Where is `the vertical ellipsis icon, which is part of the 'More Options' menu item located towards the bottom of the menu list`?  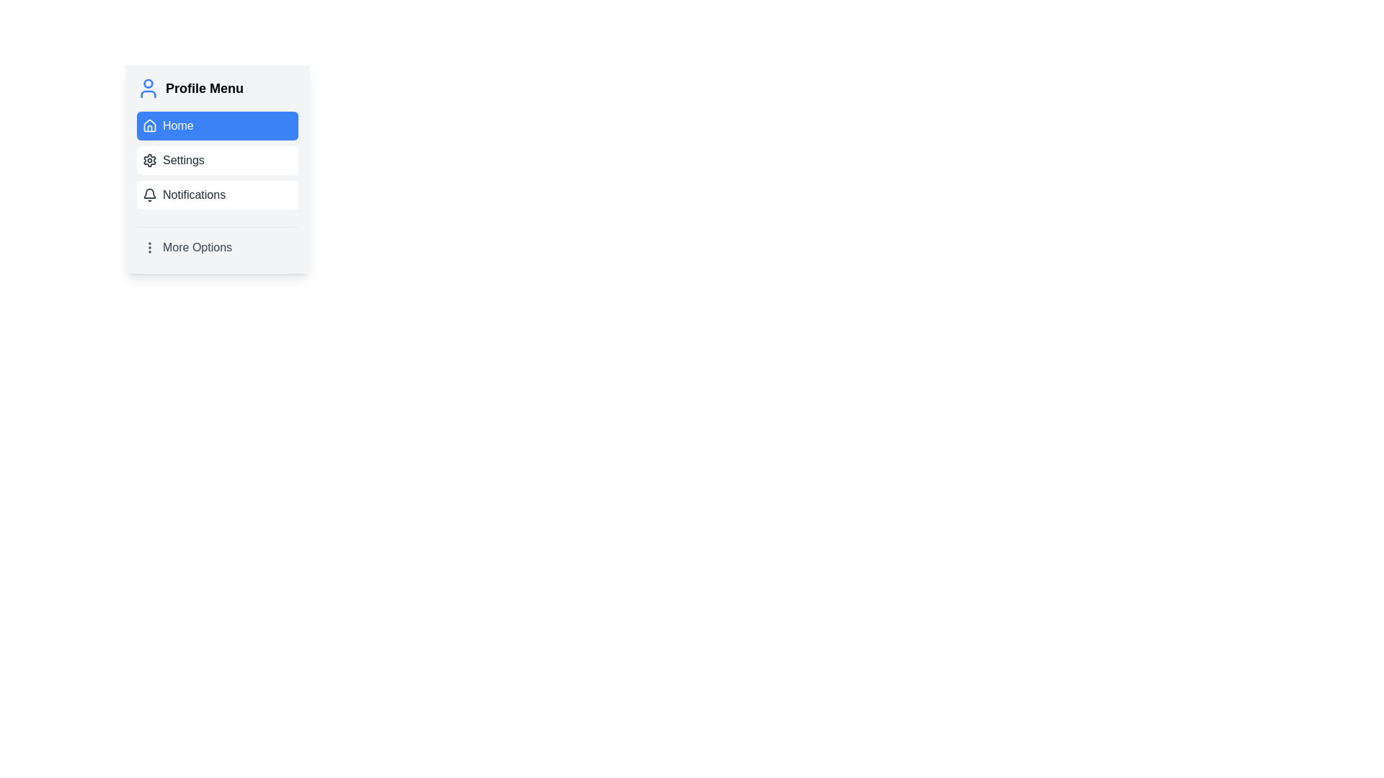
the vertical ellipsis icon, which is part of the 'More Options' menu item located towards the bottom of the menu list is located at coordinates (149, 246).